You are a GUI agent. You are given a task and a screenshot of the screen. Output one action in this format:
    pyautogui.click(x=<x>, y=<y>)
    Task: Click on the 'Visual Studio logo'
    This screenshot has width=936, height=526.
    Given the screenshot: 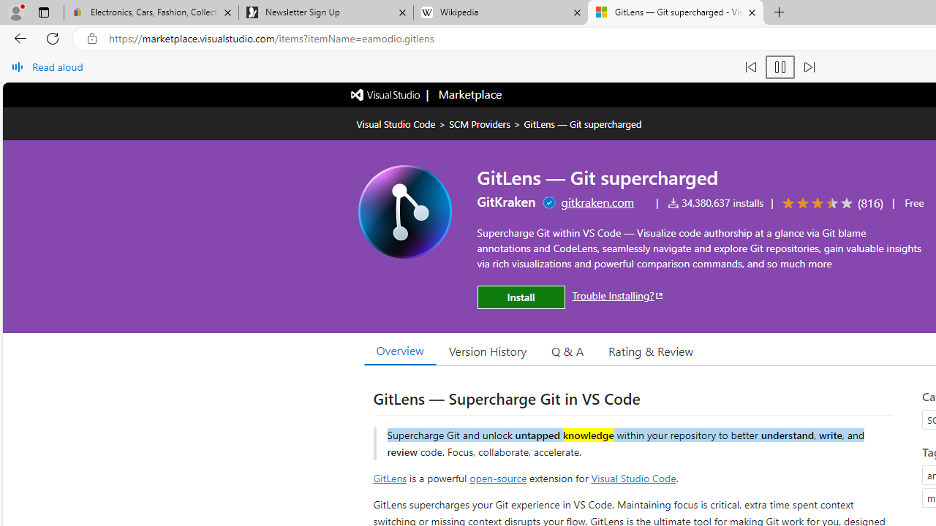 What is the action you would take?
    pyautogui.click(x=386, y=94)
    